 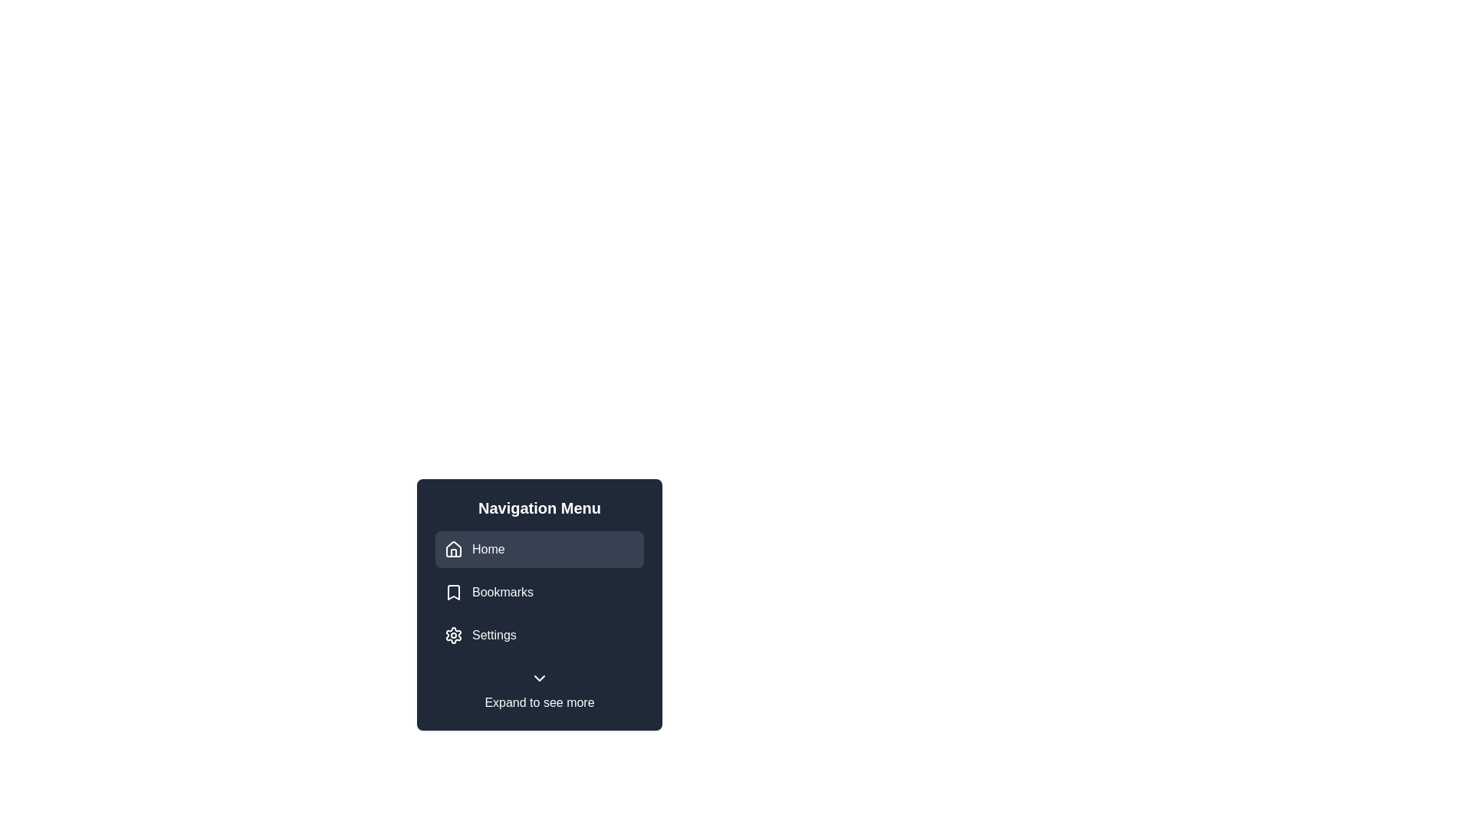 I want to click on the downward-facing chevron icon above the text 'Expand to see more' in the dark sidebar, so click(x=540, y=677).